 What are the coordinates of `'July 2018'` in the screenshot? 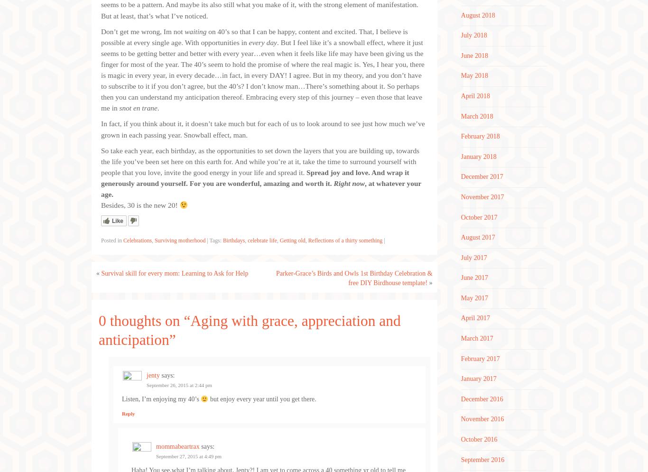 It's located at (460, 35).